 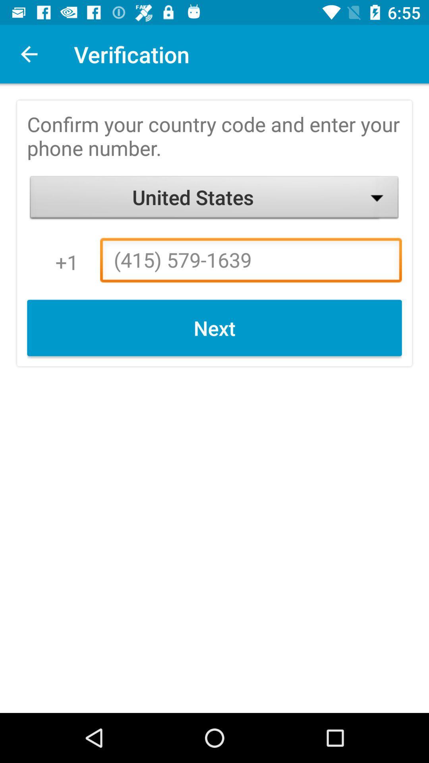 I want to click on next icon, so click(x=214, y=328).